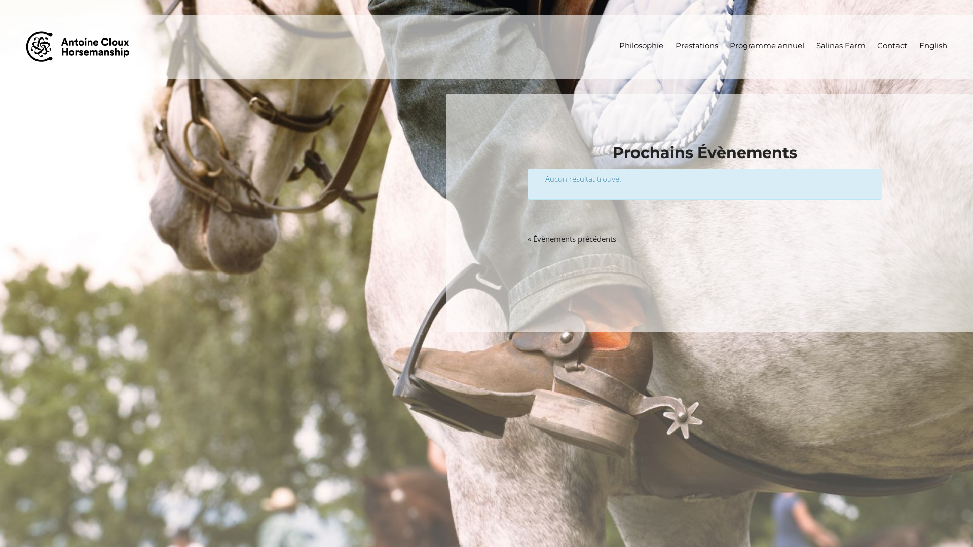  What do you see at coordinates (696, 46) in the screenshot?
I see `'Prestations'` at bounding box center [696, 46].